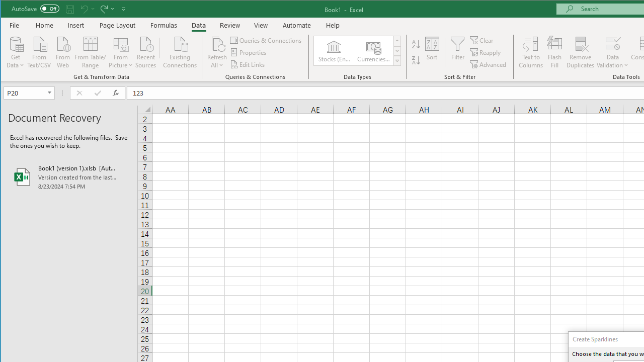  I want to click on 'Sort Smallest to Largest', so click(416, 44).